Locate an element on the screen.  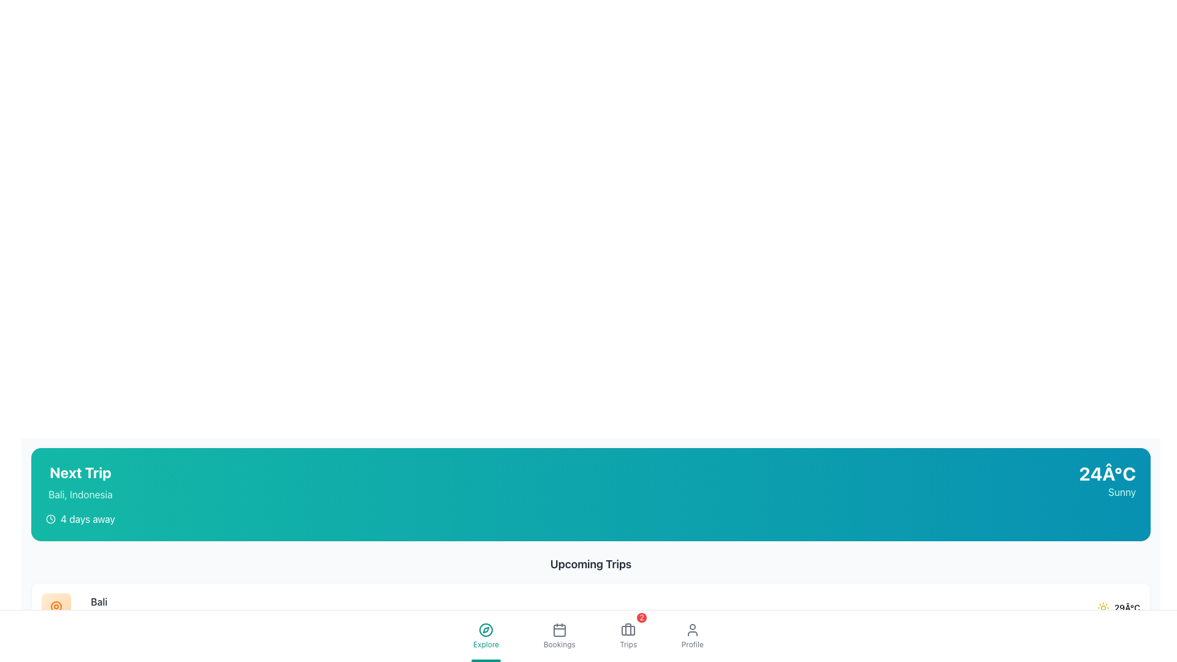
the SVG Rectangle that serves as the base of the calendar icon within the bottom navigation bar, which is centrally positioned in a 24x24 pixel bounding box is located at coordinates (558, 631).